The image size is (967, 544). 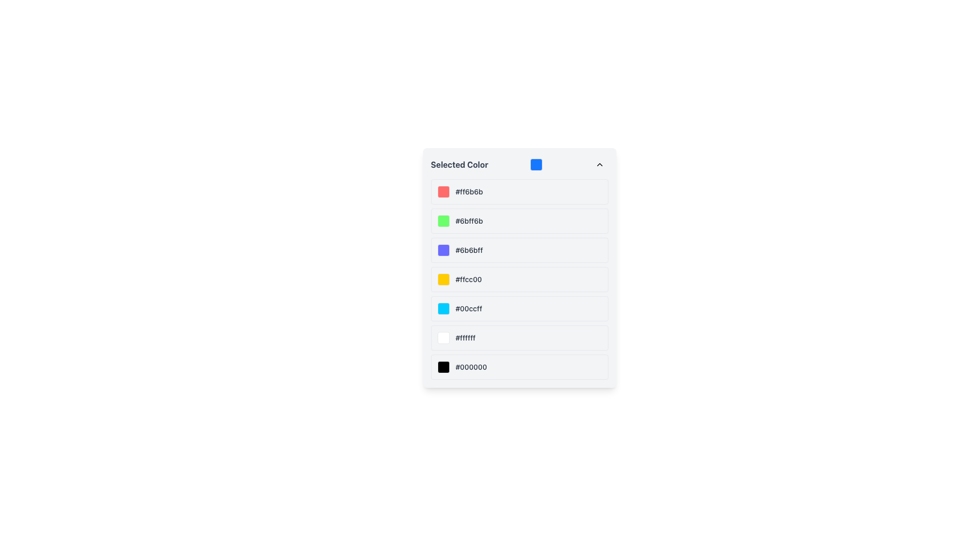 What do you see at coordinates (468, 250) in the screenshot?
I see `hexadecimal color code from the text label located to the right of the small purple square, which is the third item in the vertical list of selectable items` at bounding box center [468, 250].